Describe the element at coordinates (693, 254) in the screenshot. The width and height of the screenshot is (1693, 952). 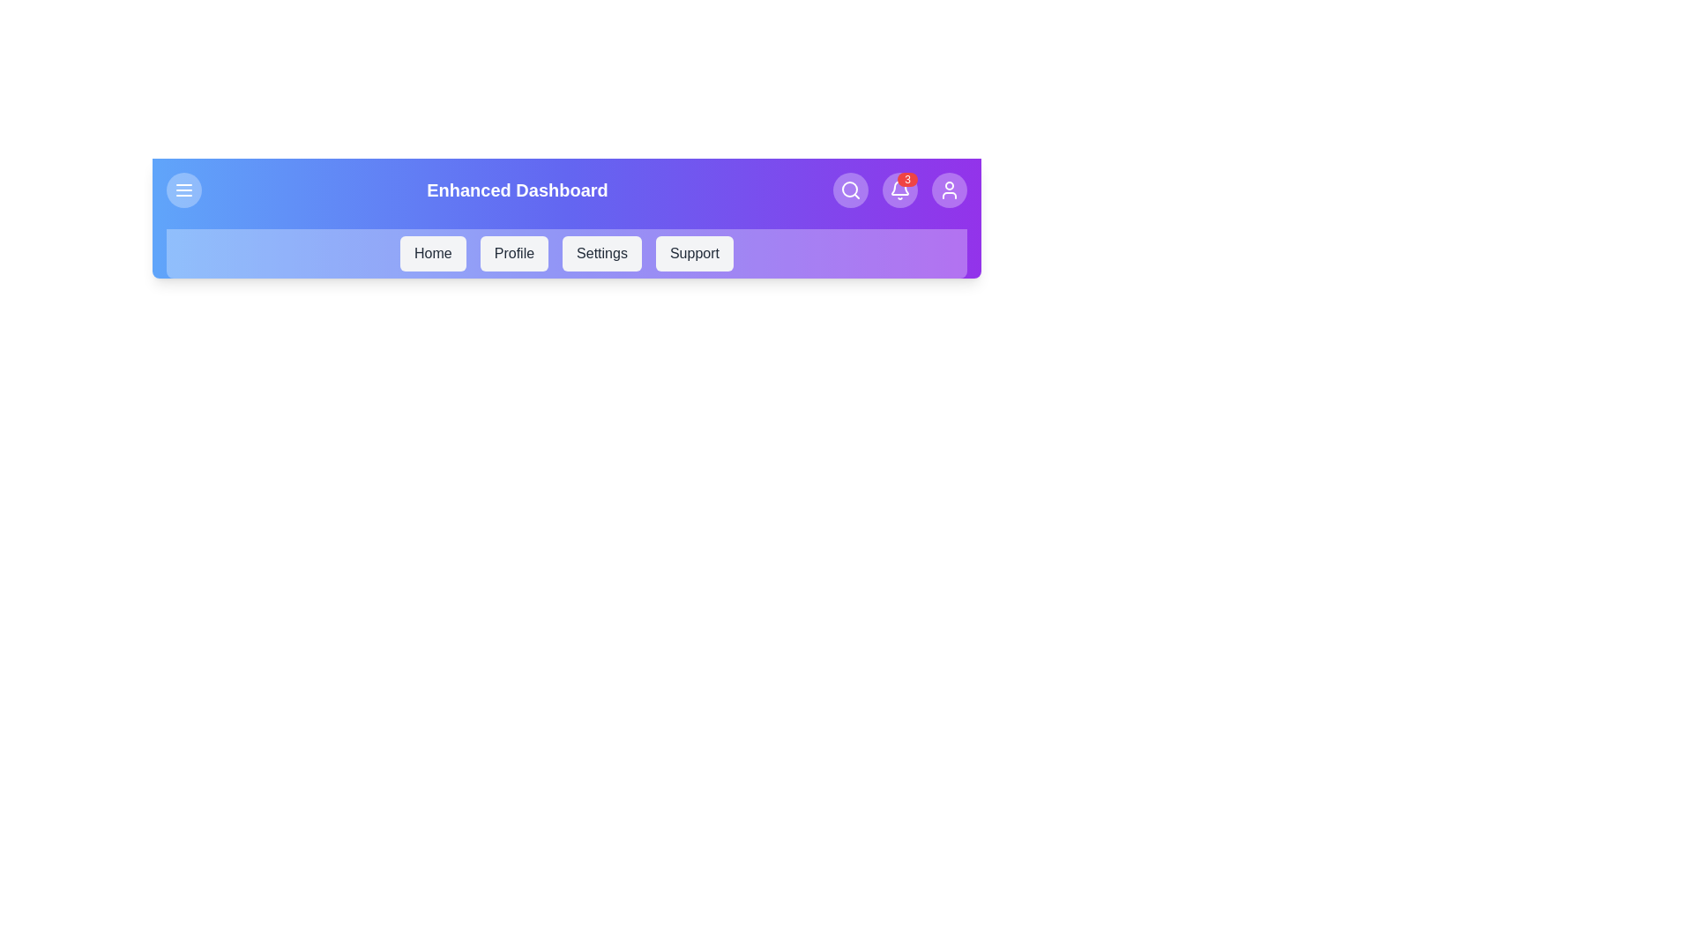
I see `the menu item labeled Support` at that location.